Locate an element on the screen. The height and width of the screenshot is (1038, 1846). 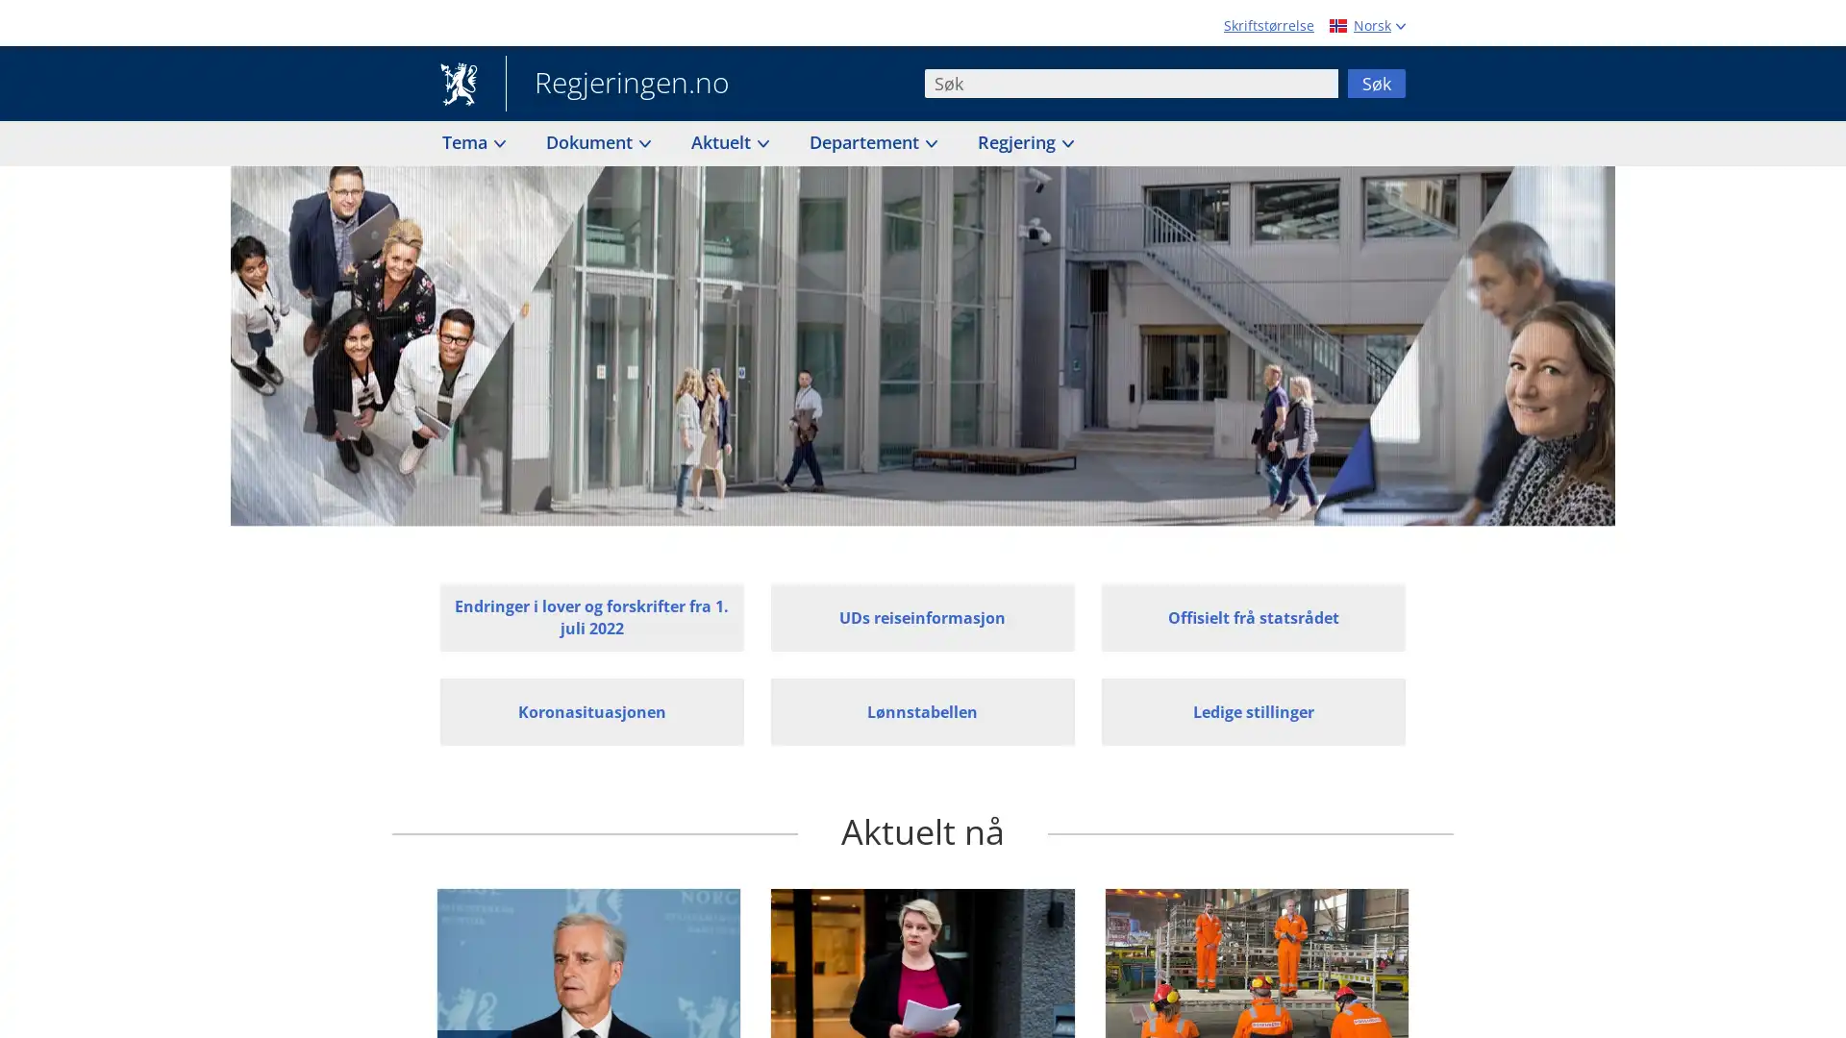
Aktuelt is located at coordinates (728, 141).